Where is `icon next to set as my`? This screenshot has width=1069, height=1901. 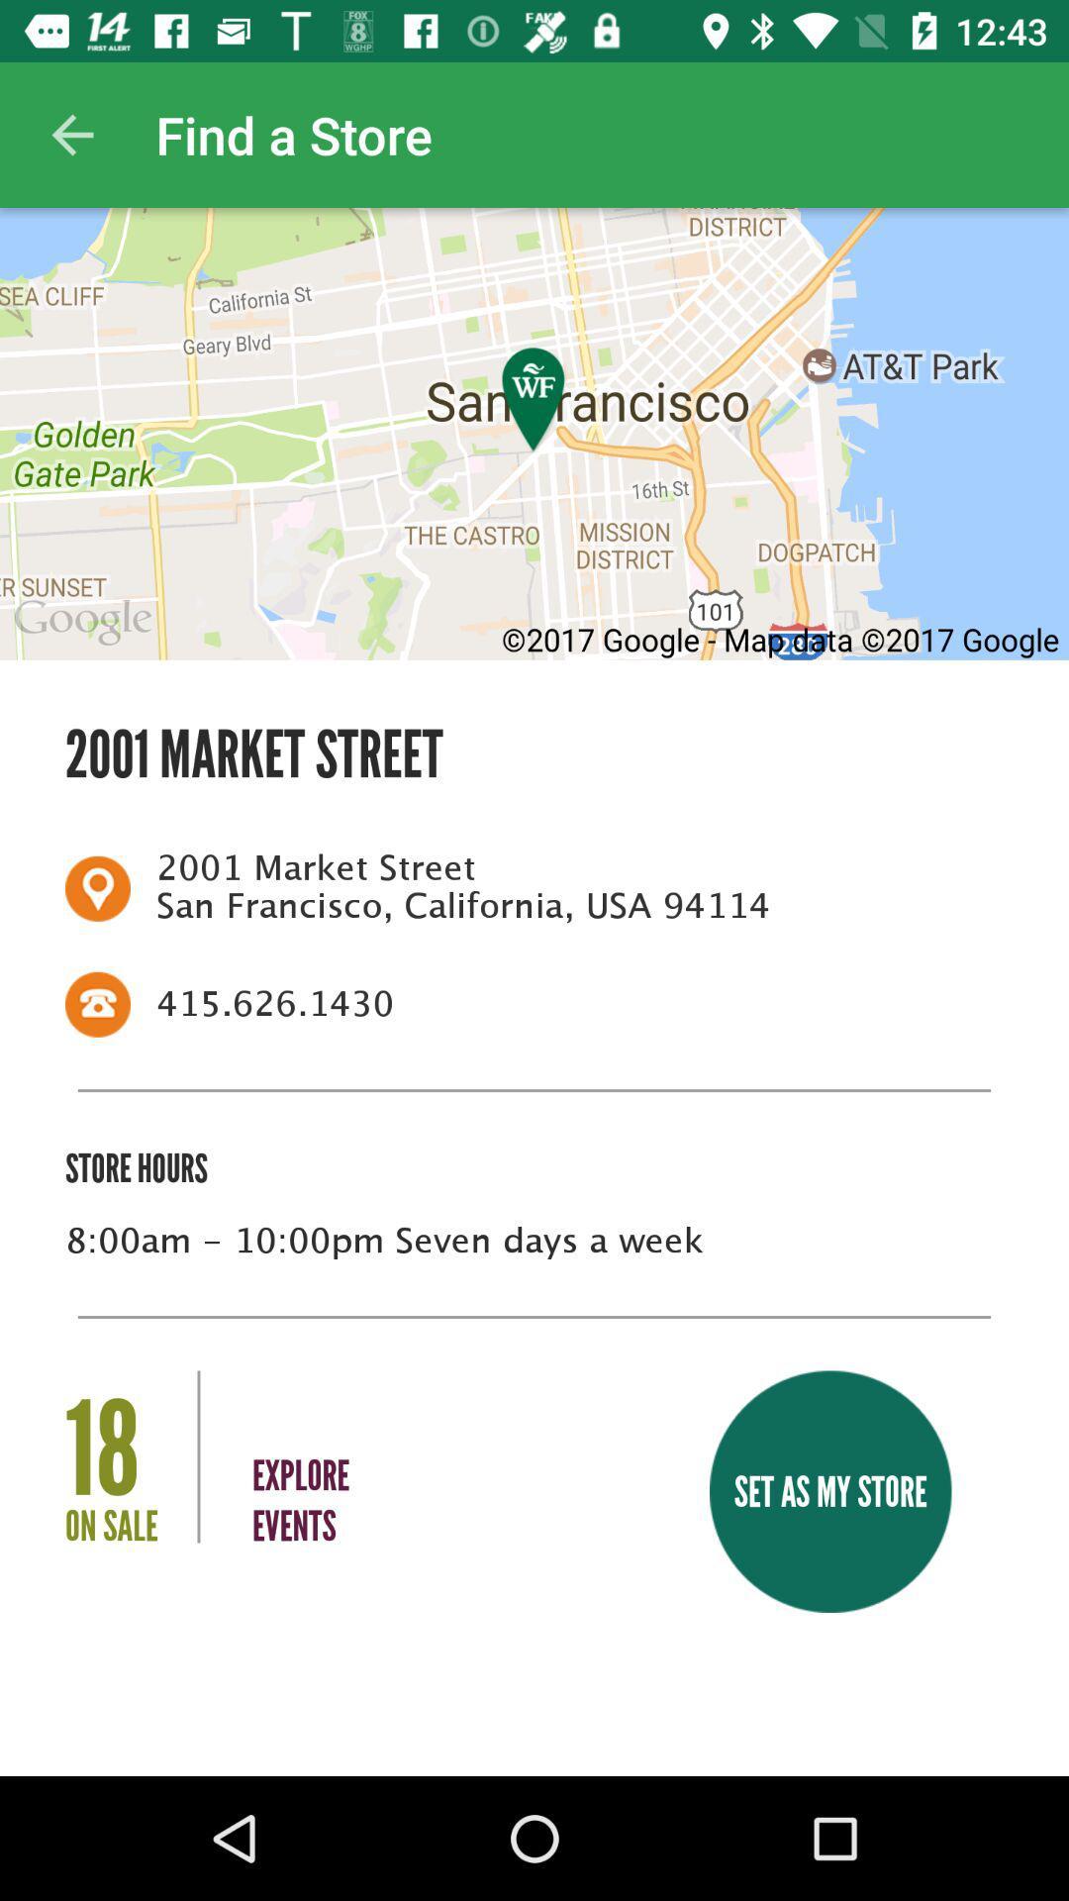
icon next to set as my is located at coordinates (301, 1460).